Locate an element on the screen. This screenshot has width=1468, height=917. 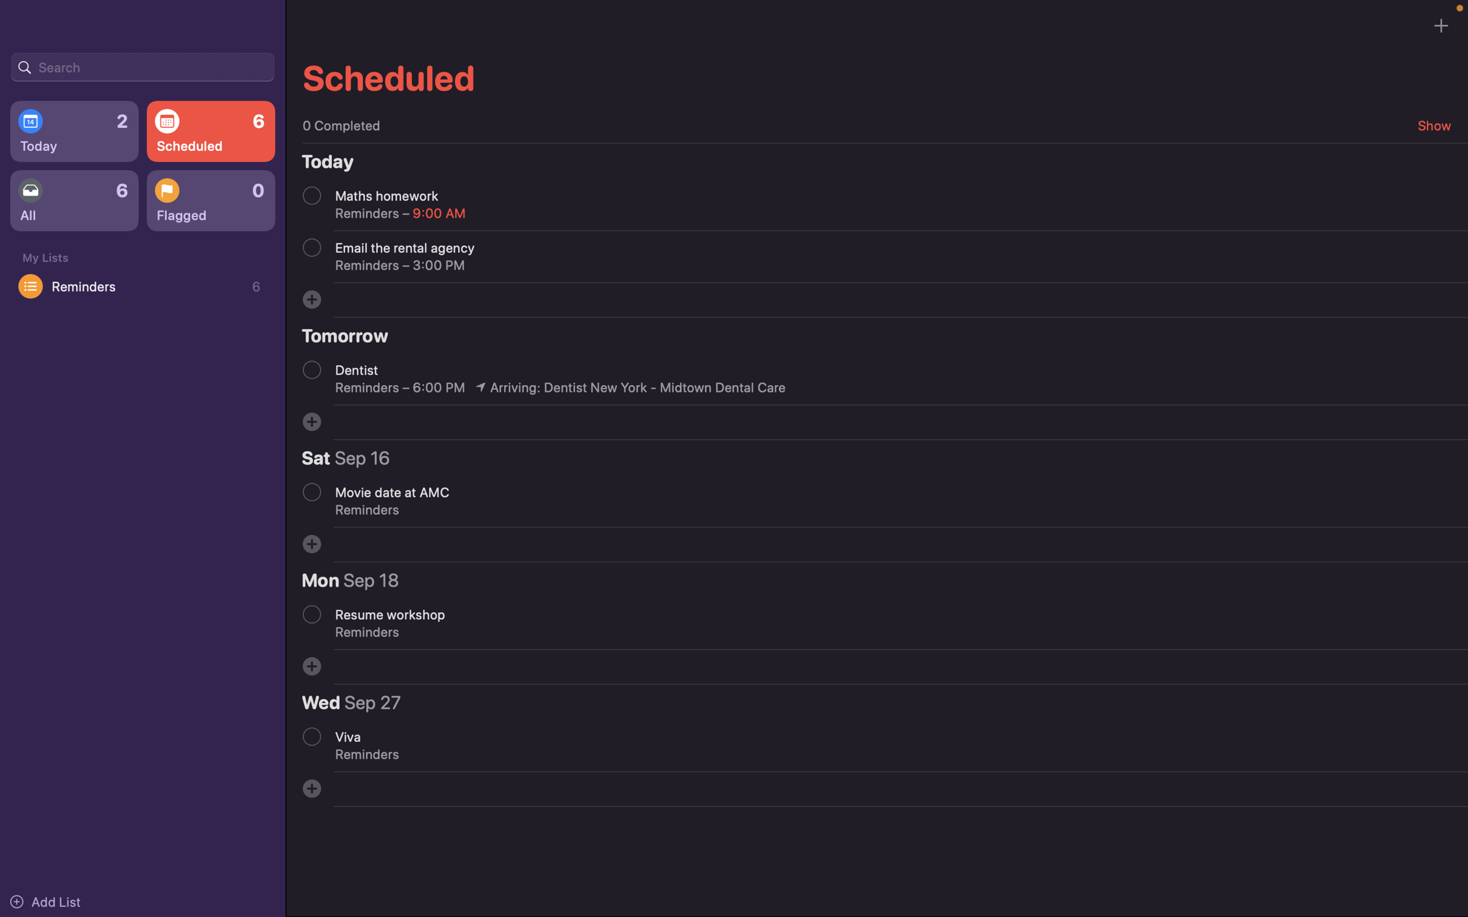
Go for the second appointment in today"s list is located at coordinates (311, 247).